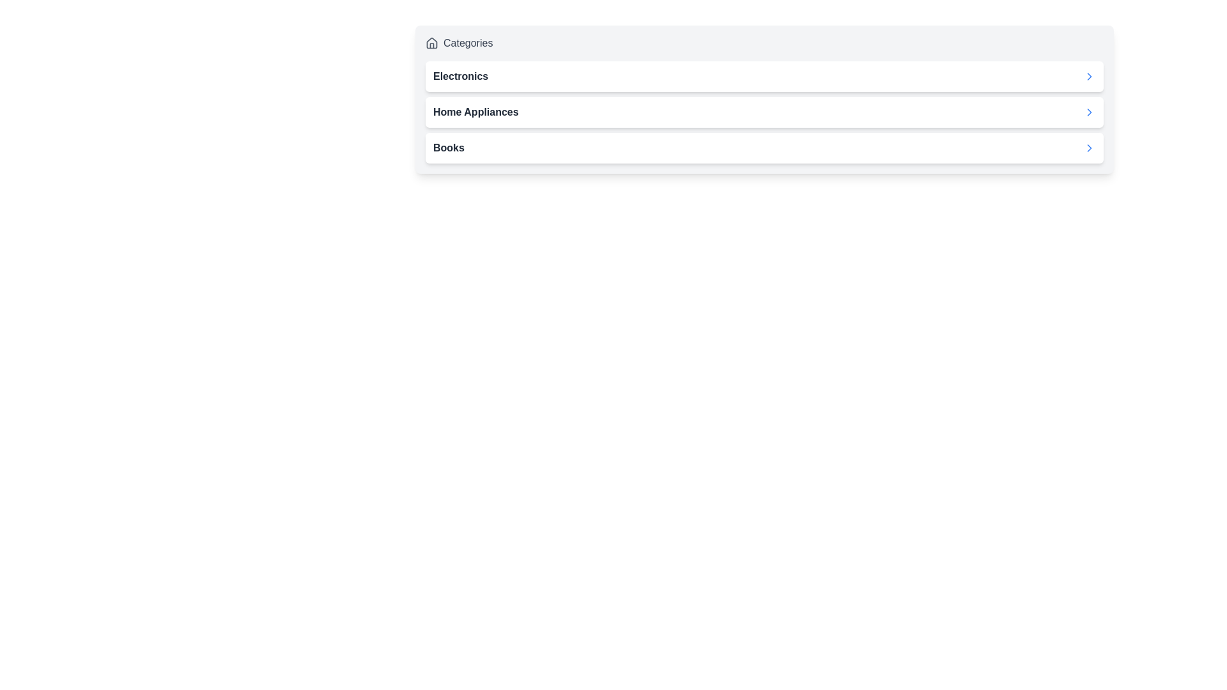 Image resolution: width=1227 pixels, height=690 pixels. What do you see at coordinates (475, 112) in the screenshot?
I see `the 'Home Appliances' text, which is styled in bold dark gray and is the second item in the categories list, located between 'Electronics' and 'Books'` at bounding box center [475, 112].